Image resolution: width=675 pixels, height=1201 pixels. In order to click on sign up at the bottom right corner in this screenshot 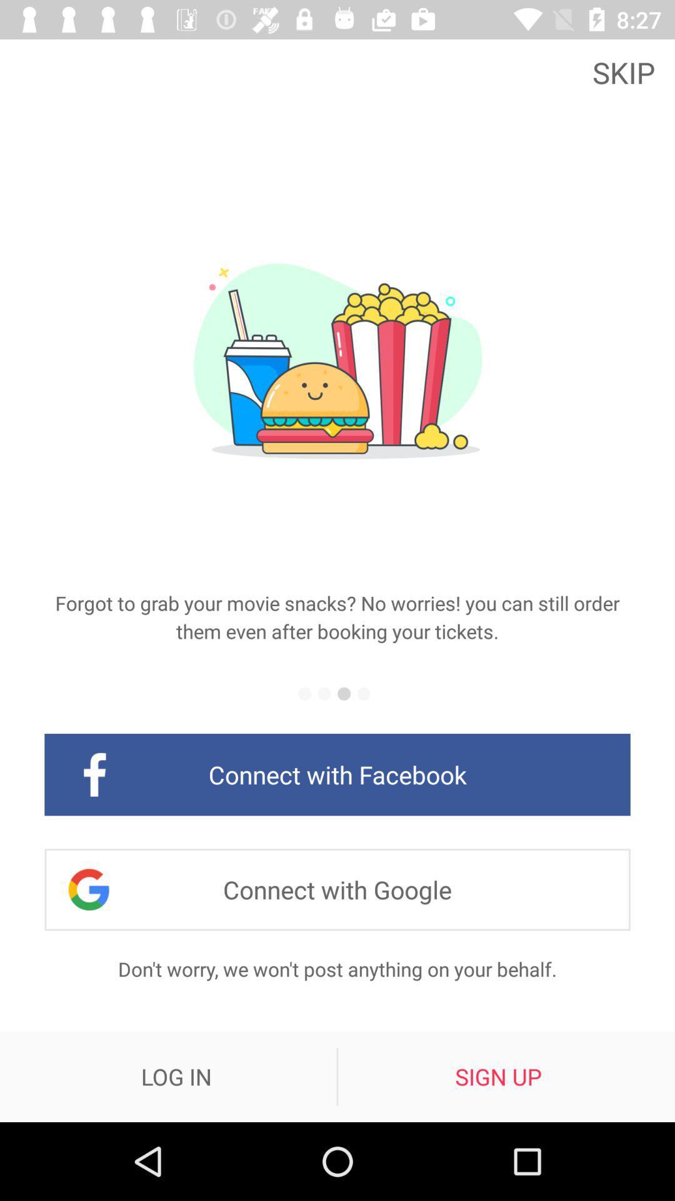, I will do `click(497, 1076)`.